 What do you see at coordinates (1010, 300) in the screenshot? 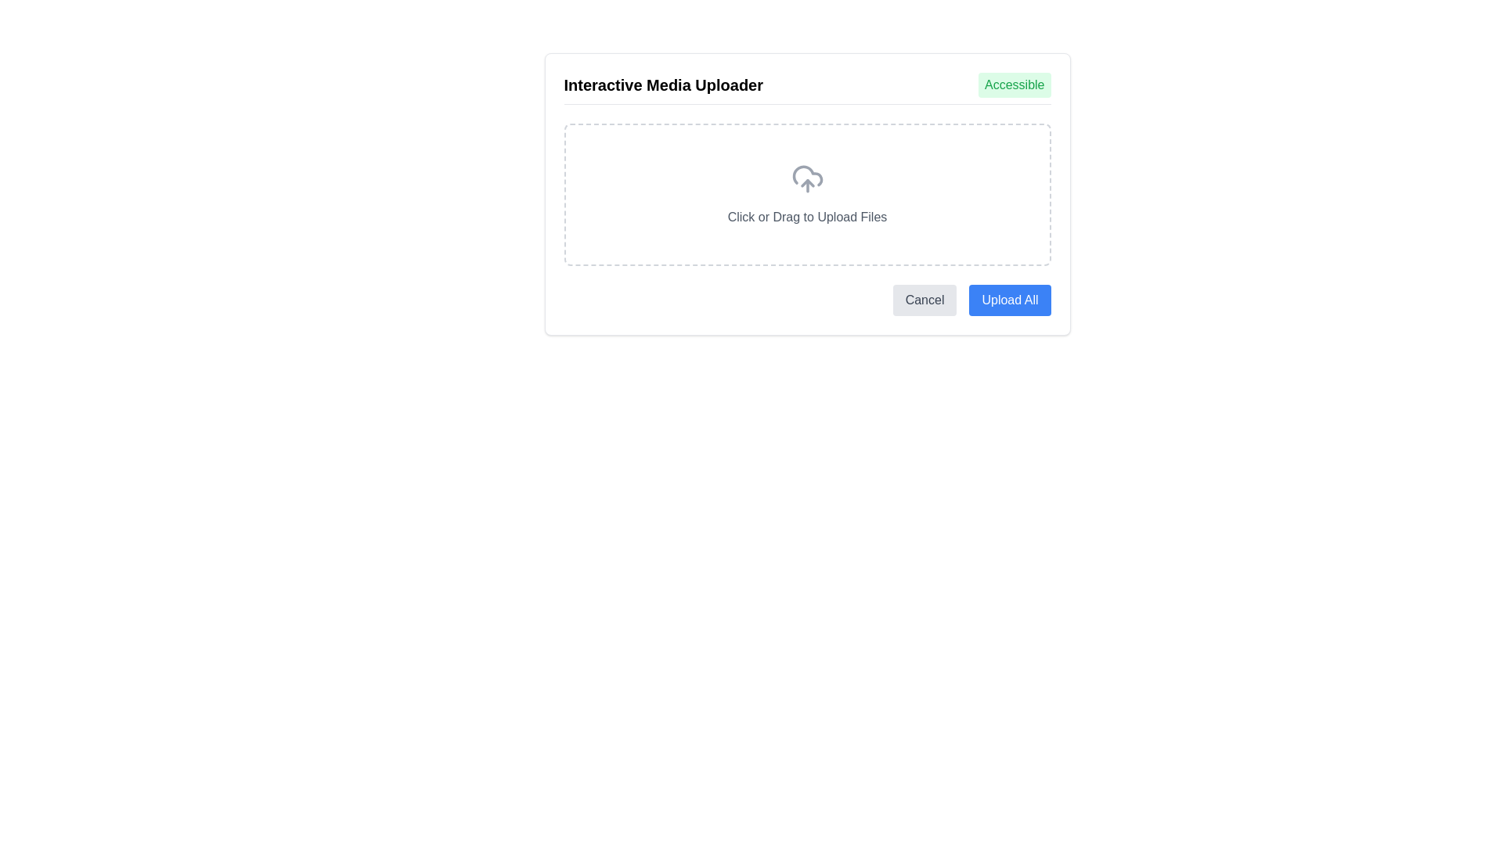
I see `the bright blue button with 'Upload All' text` at bounding box center [1010, 300].